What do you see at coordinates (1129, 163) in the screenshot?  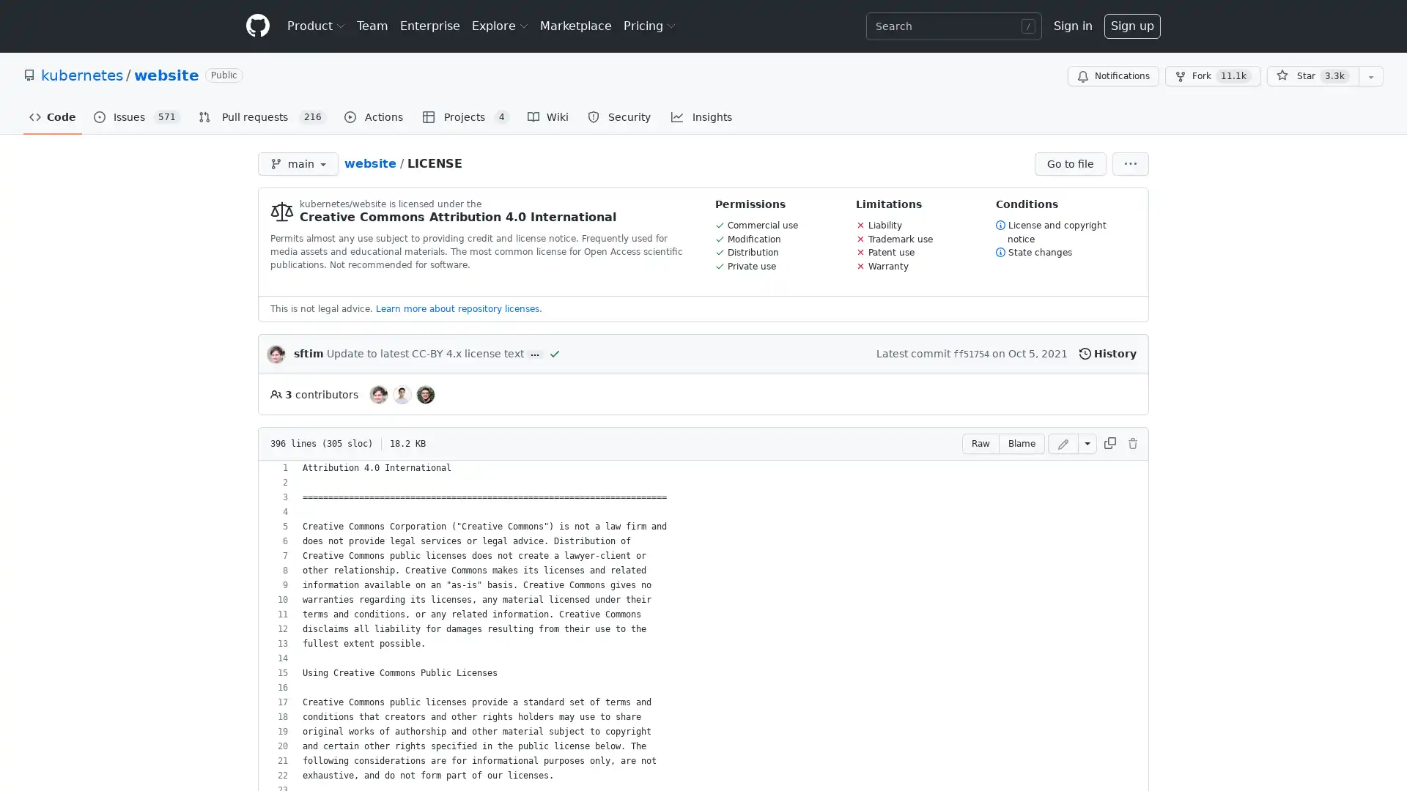 I see `More options` at bounding box center [1129, 163].